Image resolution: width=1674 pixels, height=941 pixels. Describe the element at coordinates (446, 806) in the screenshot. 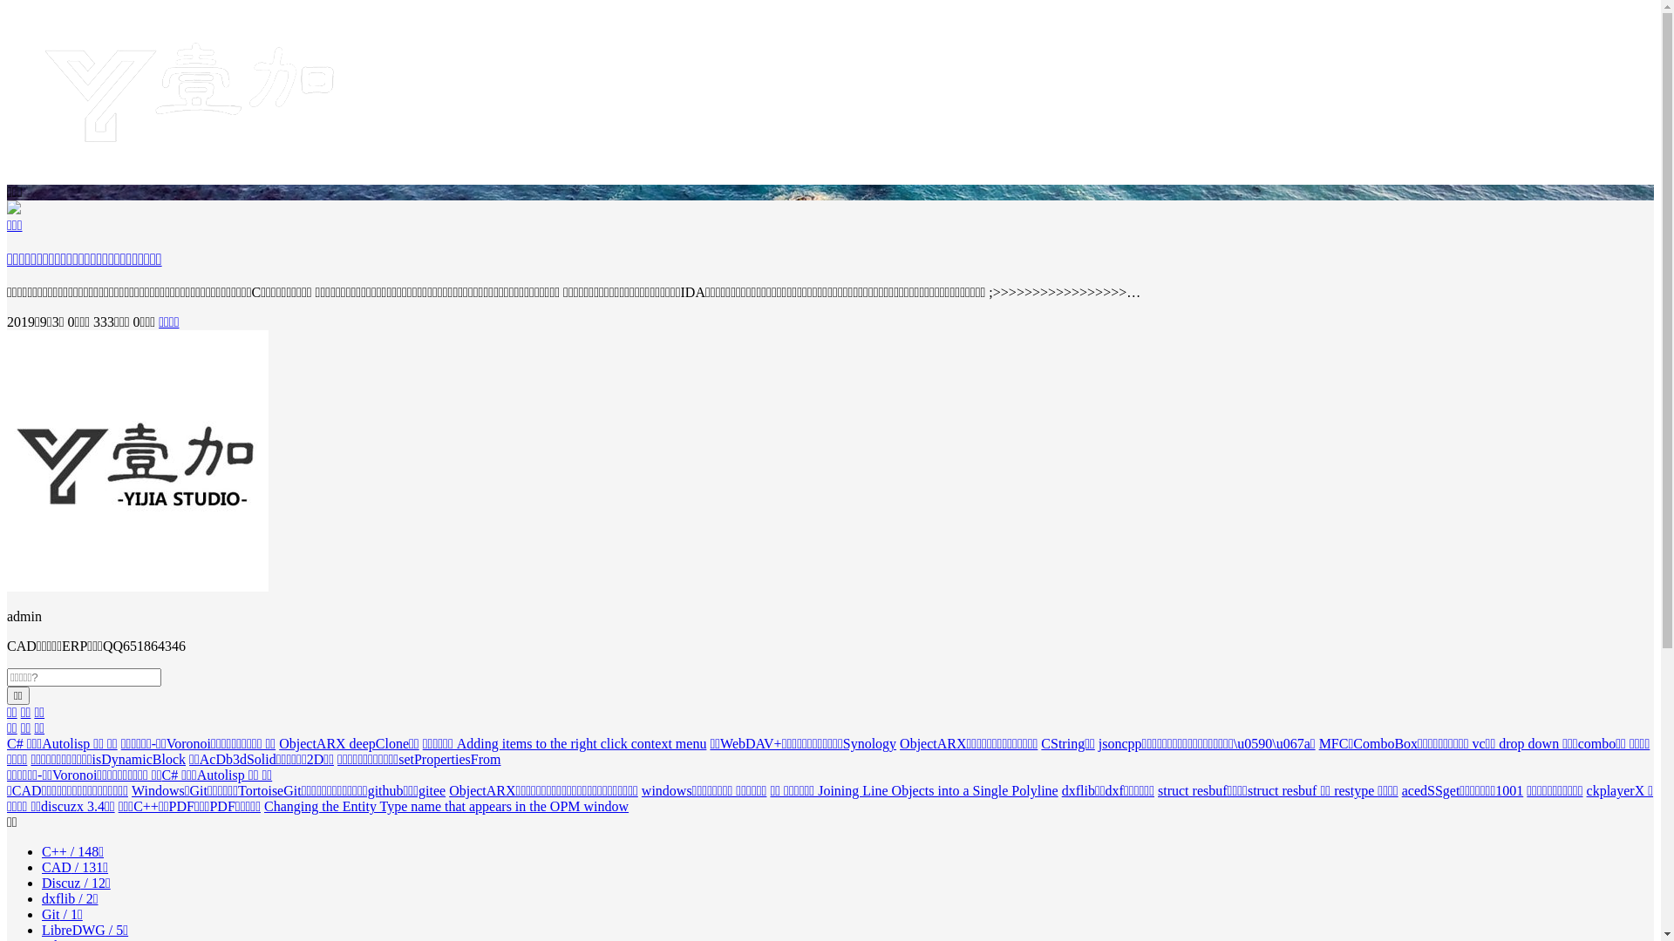

I see `'Changing the Entity Type name that appears in the OPM window'` at that location.